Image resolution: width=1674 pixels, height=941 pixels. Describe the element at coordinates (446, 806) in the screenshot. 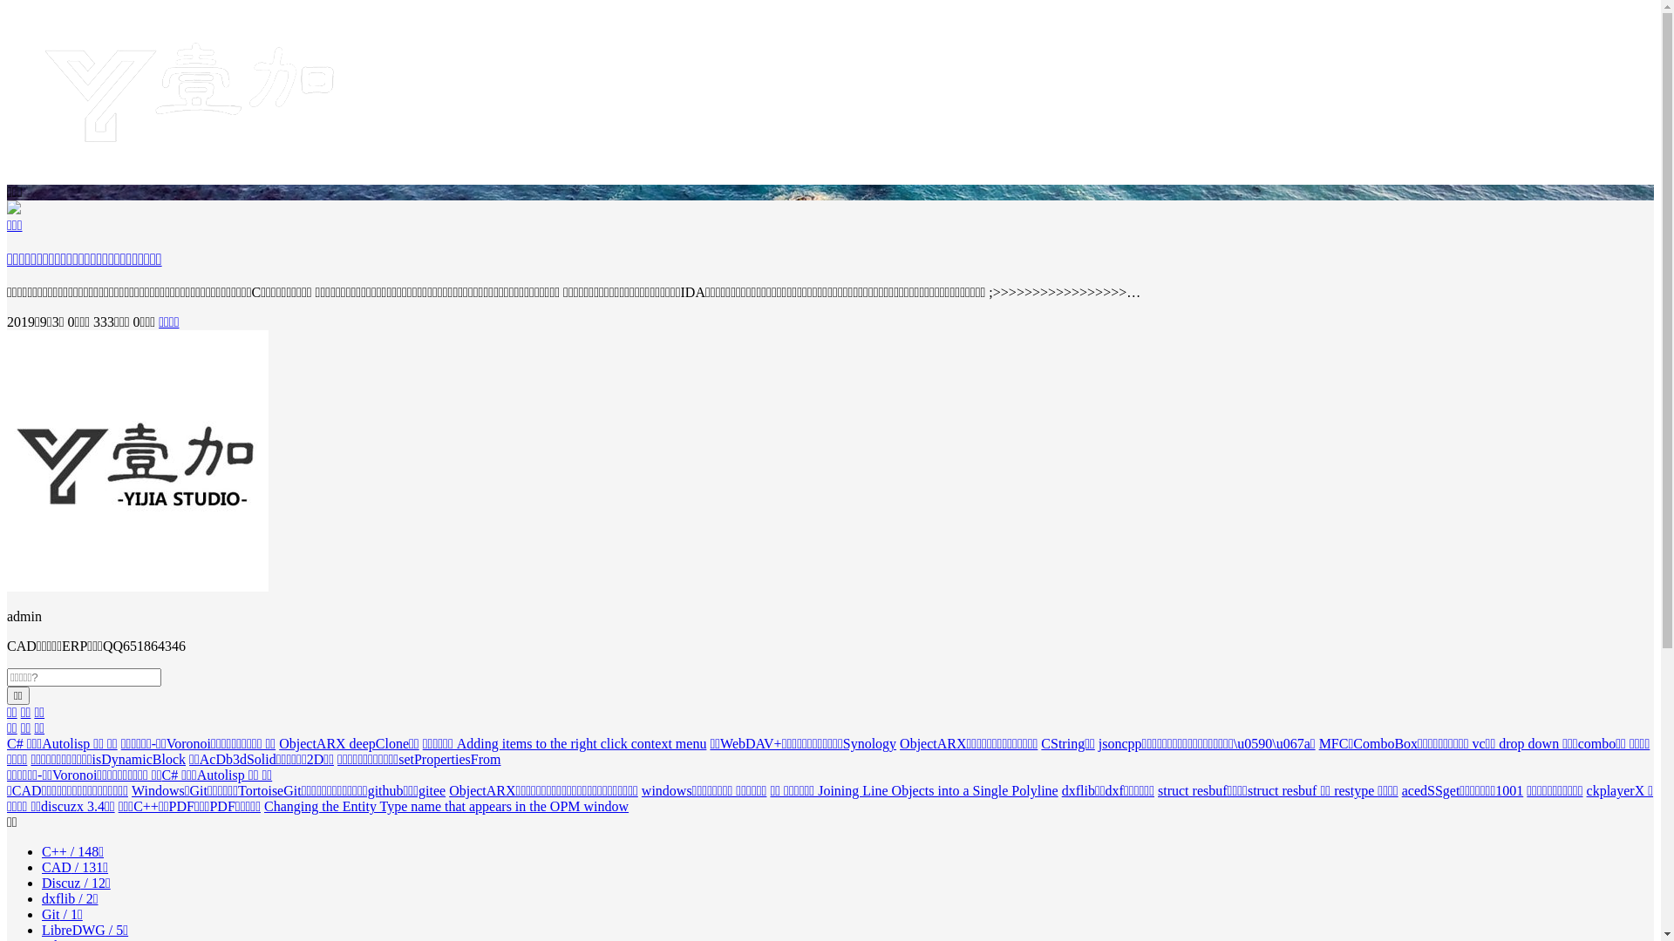

I see `'Changing the Entity Type name that appears in the OPM window'` at that location.